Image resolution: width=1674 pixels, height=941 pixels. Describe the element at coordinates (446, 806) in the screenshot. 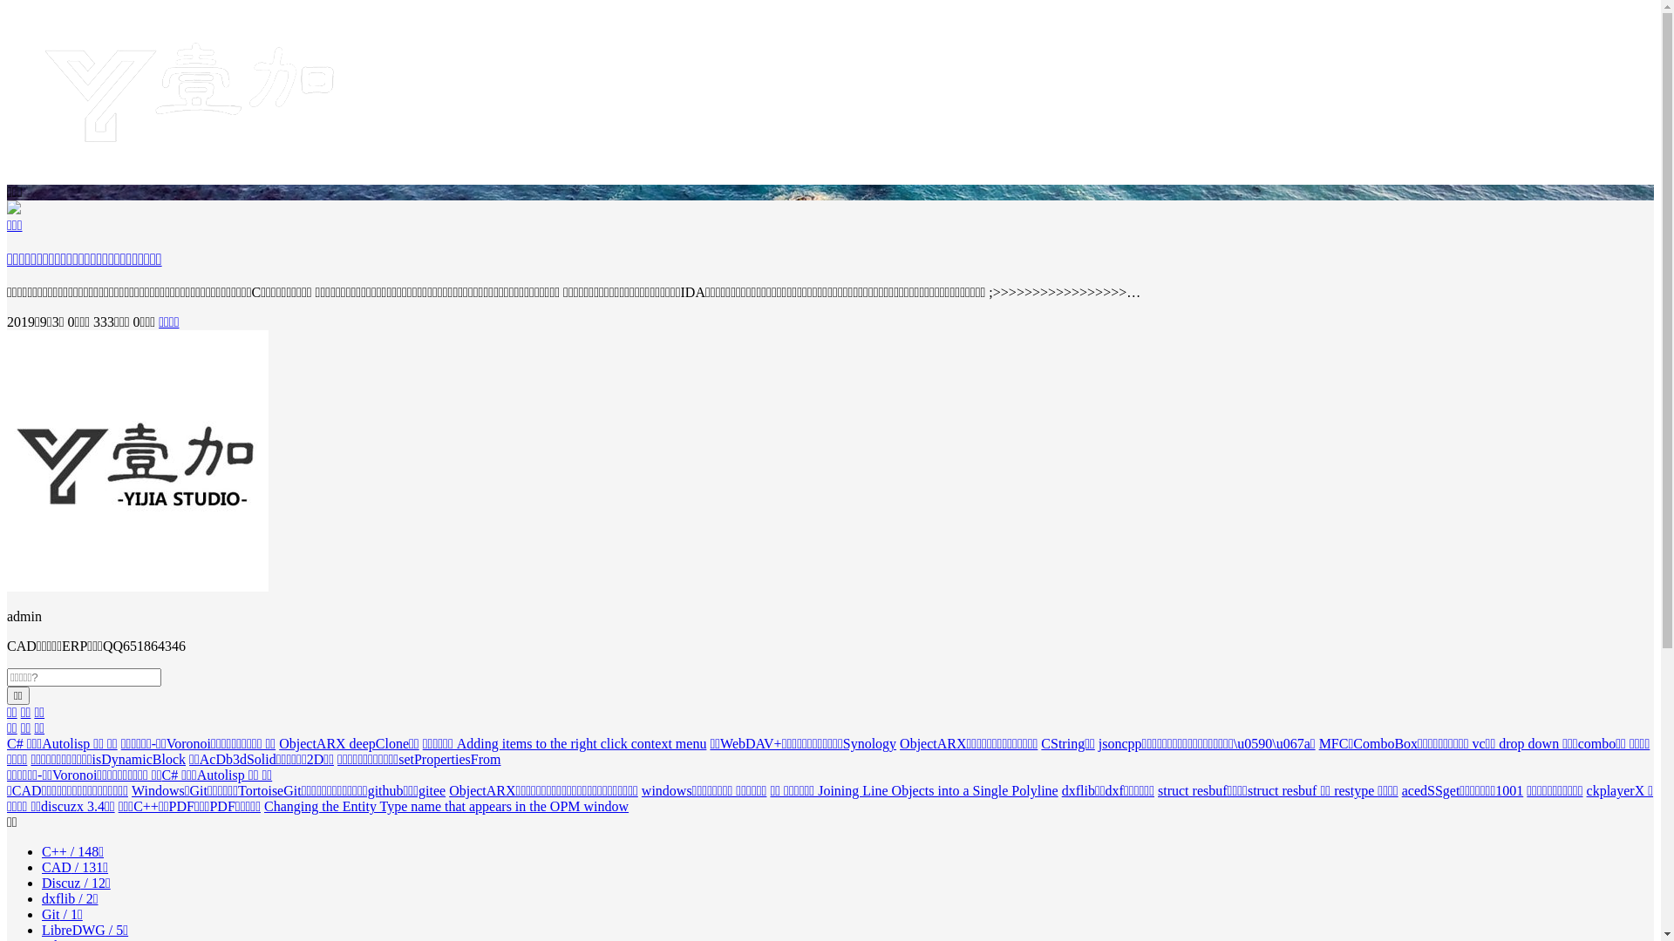

I see `'Changing the Entity Type name that appears in the OPM window'` at that location.